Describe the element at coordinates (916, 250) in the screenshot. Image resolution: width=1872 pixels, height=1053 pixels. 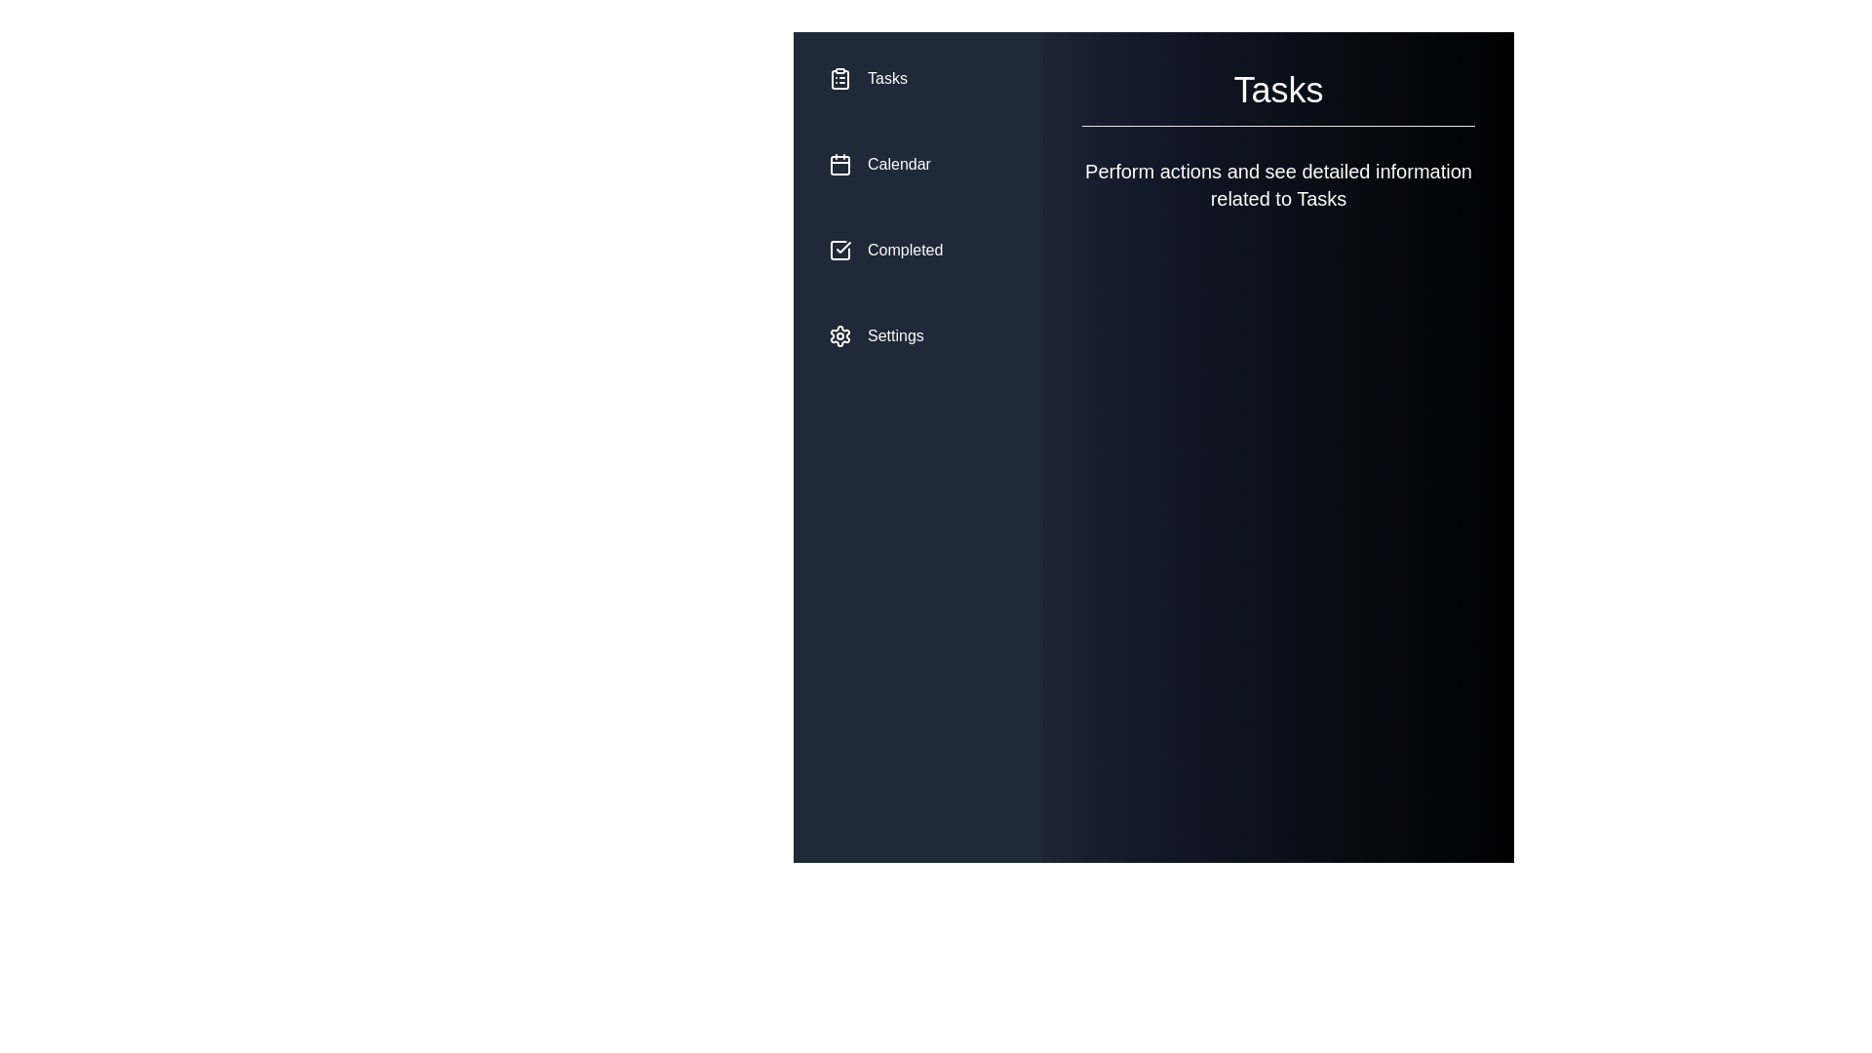
I see `the menu item Completed to preview its state` at that location.